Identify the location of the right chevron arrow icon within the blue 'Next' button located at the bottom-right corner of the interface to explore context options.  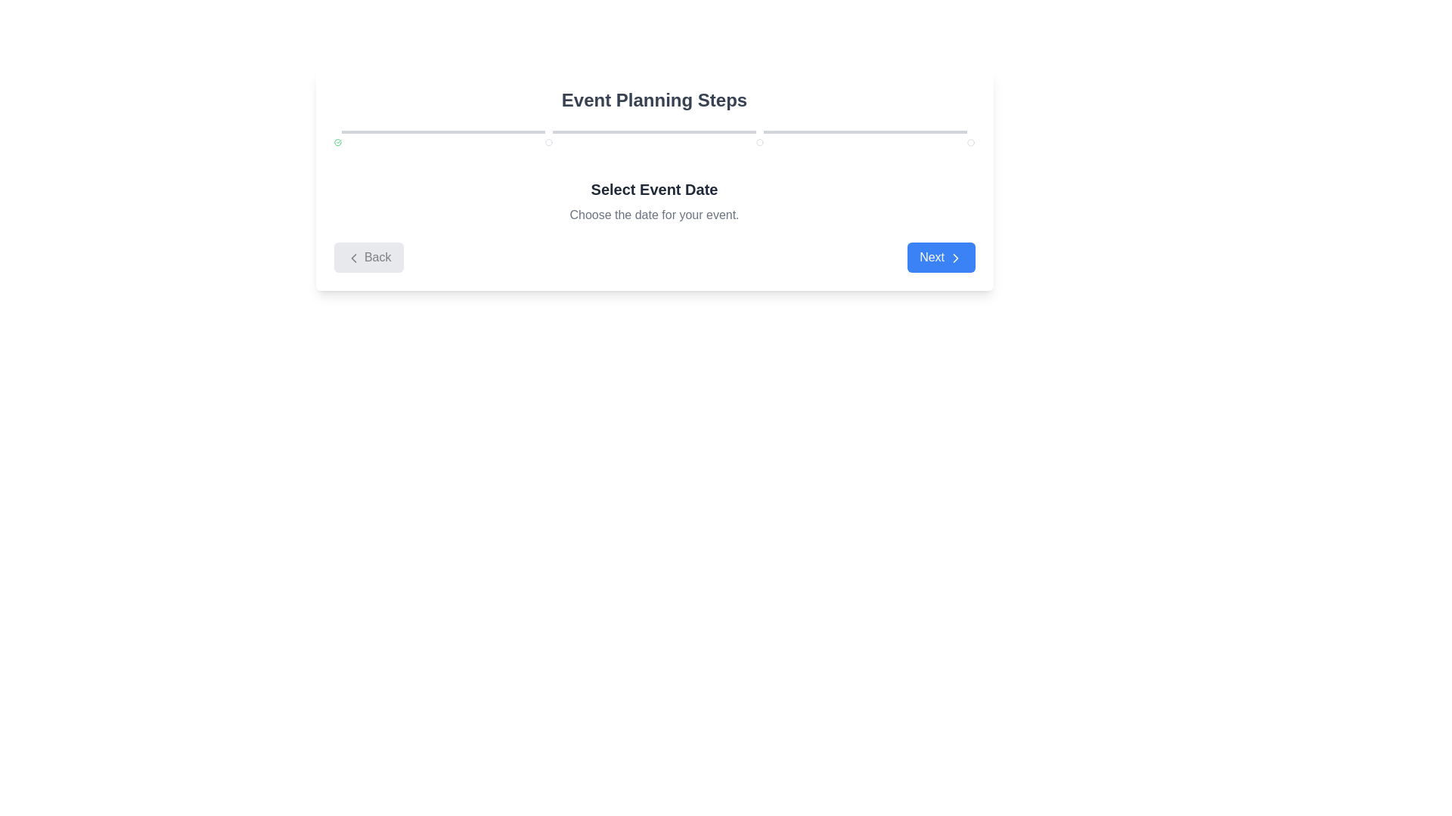
(954, 257).